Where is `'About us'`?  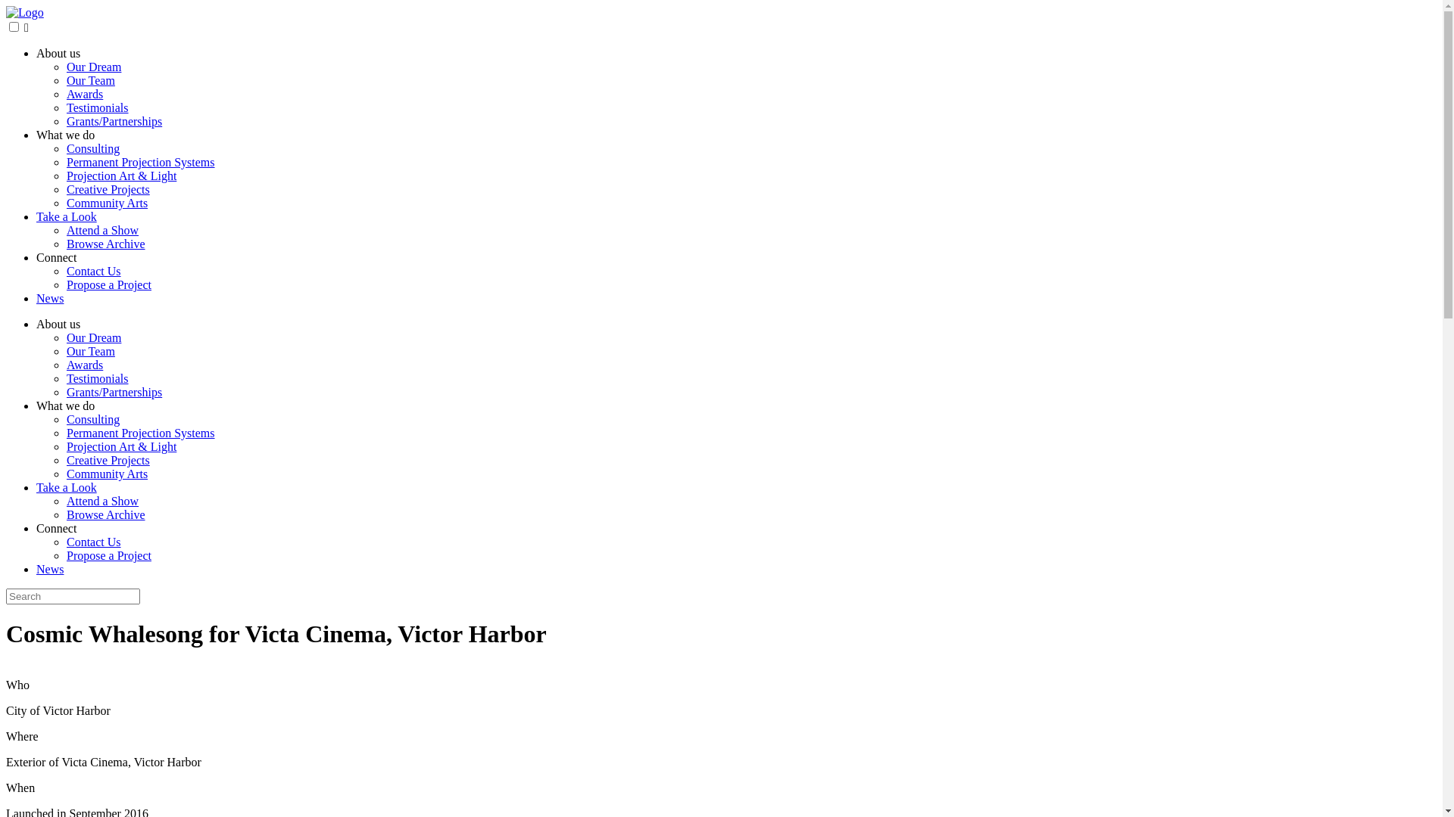
'About us' is located at coordinates (58, 323).